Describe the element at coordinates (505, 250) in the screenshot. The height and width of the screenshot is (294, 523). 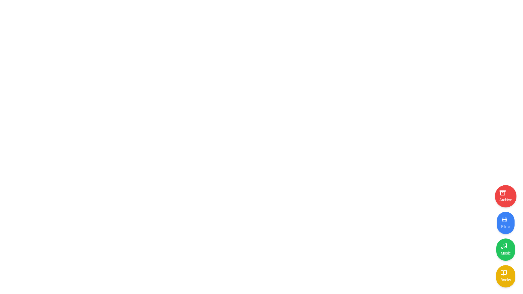
I see `the circular green 'Music' button with a music note icon to trigger the visual scale animation` at that location.